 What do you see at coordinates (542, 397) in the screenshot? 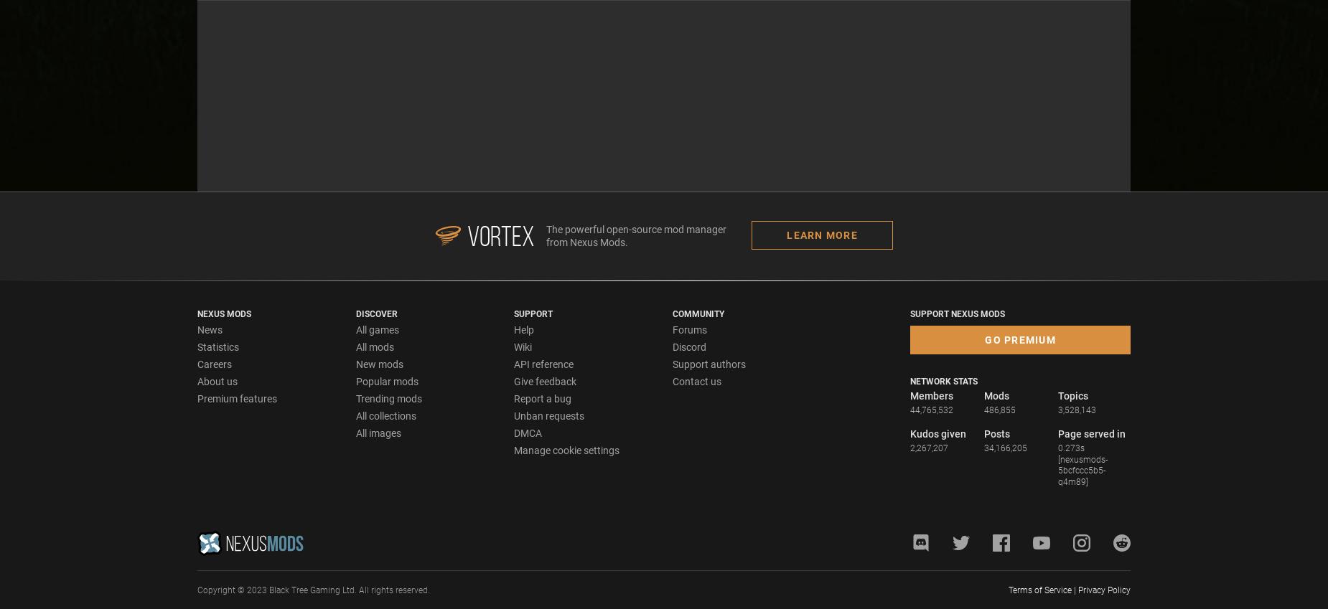
I see `'Report a bug'` at bounding box center [542, 397].